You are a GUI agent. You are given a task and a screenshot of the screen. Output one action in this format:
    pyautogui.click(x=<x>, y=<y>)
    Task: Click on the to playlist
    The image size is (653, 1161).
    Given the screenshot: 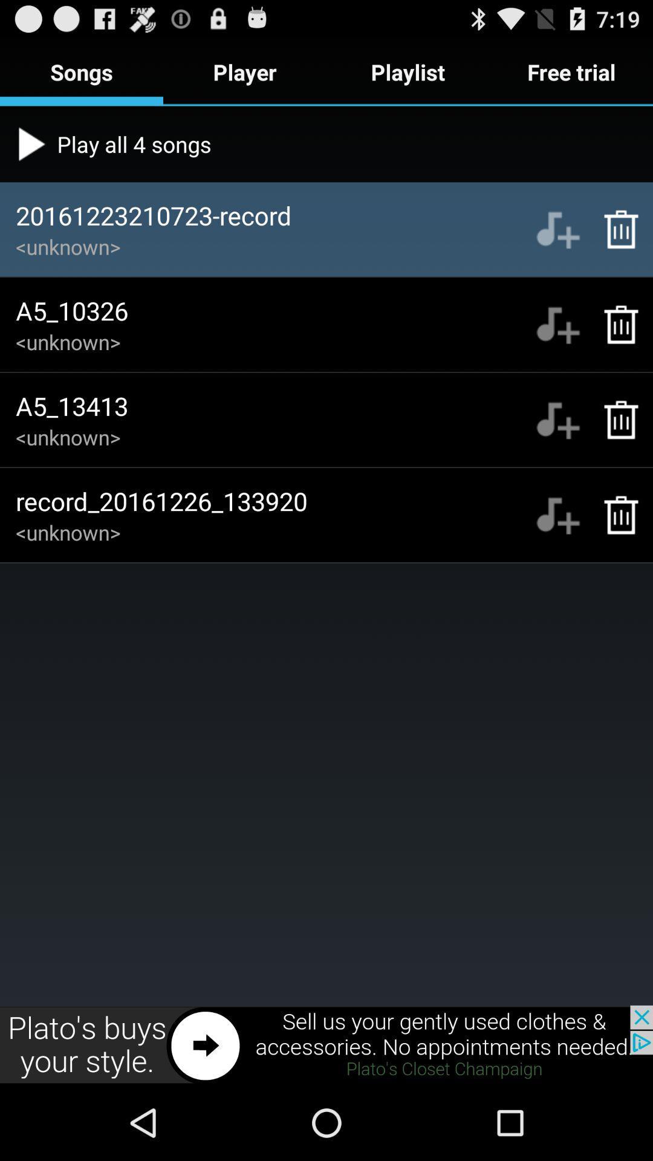 What is the action you would take?
    pyautogui.click(x=557, y=229)
    